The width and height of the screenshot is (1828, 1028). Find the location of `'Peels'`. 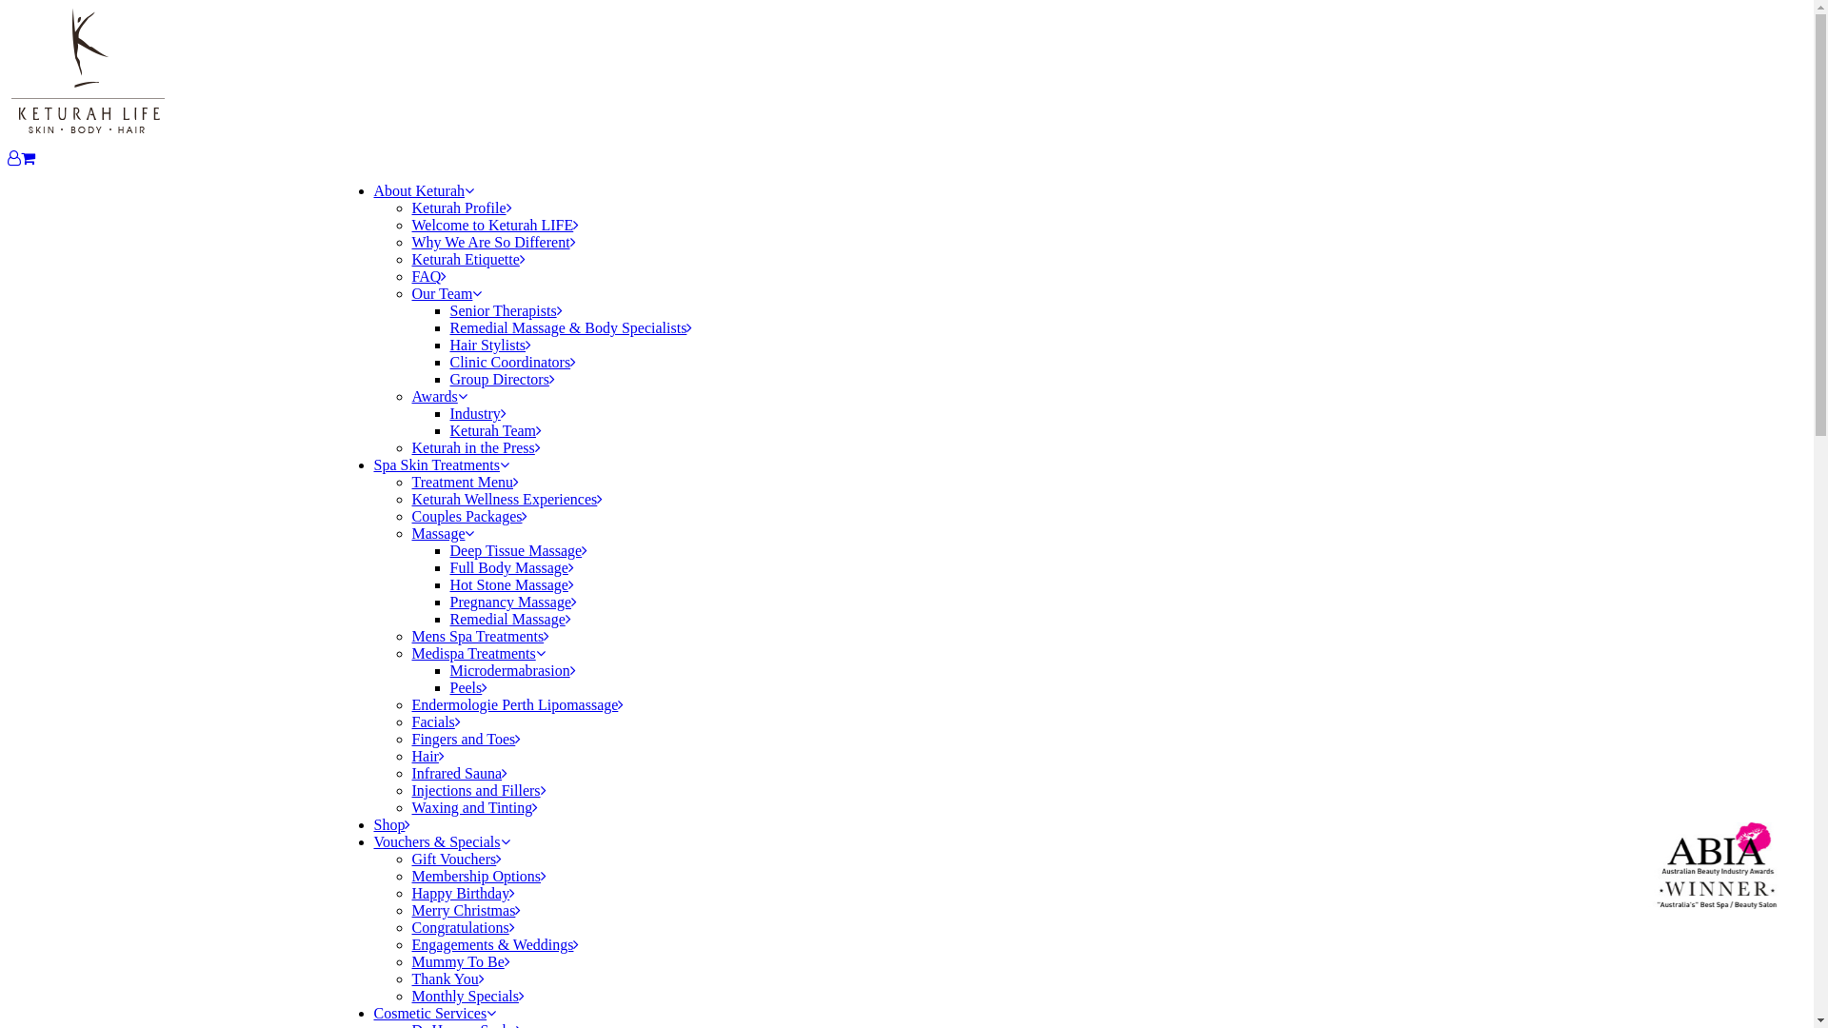

'Peels' is located at coordinates (467, 687).